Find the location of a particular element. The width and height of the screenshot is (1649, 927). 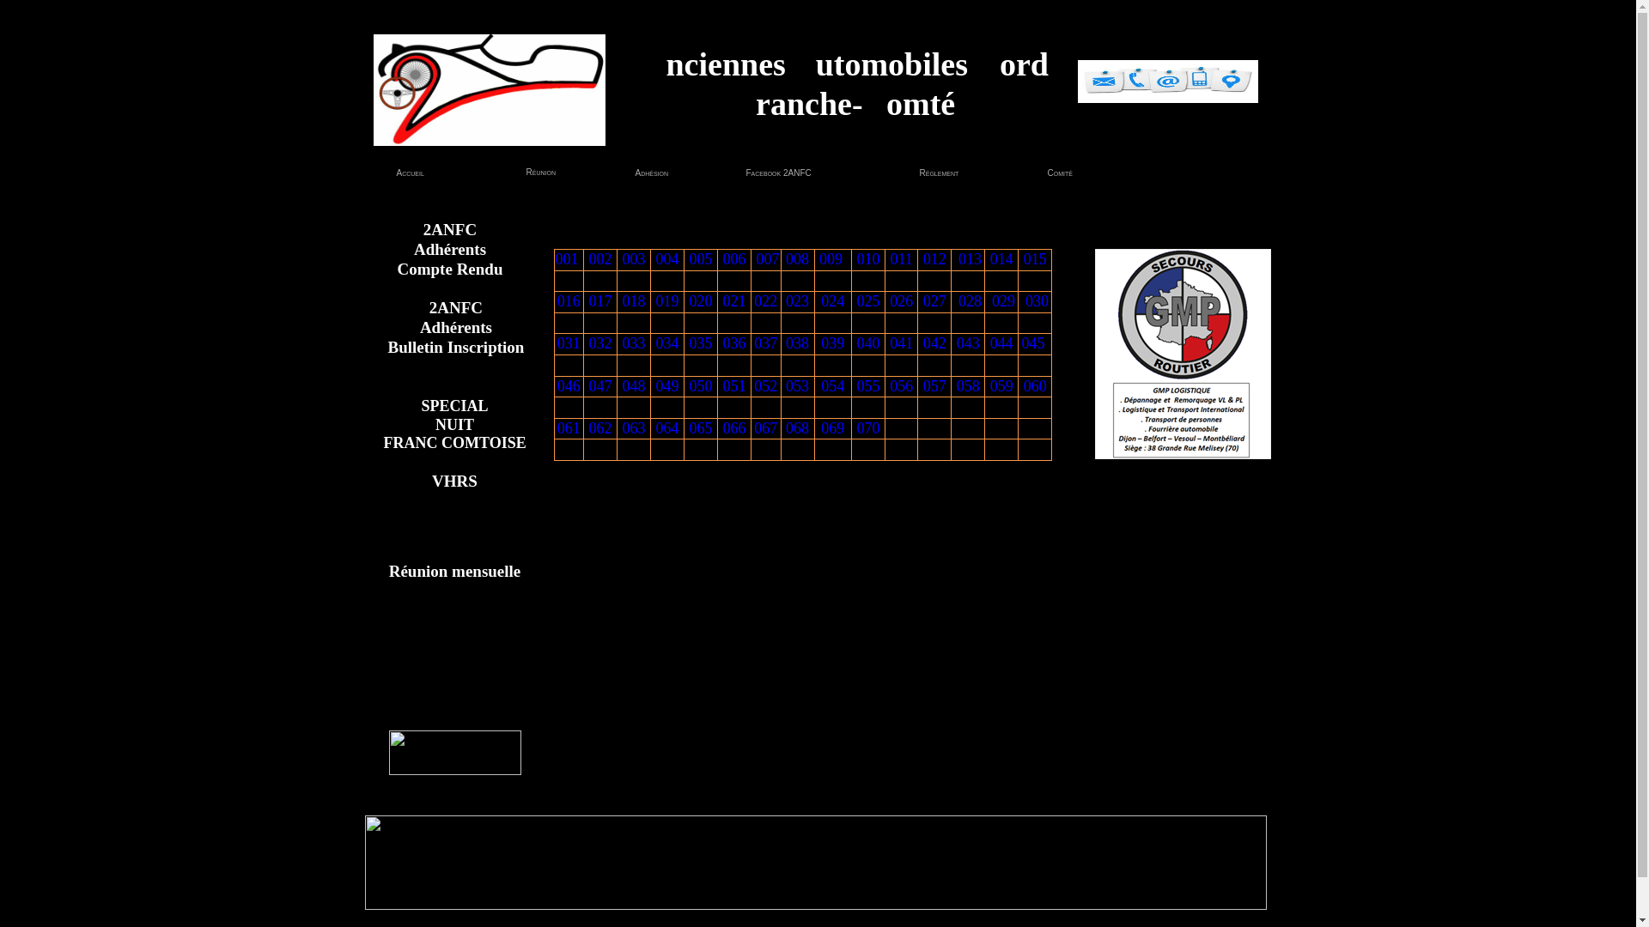

'037' is located at coordinates (764, 343).